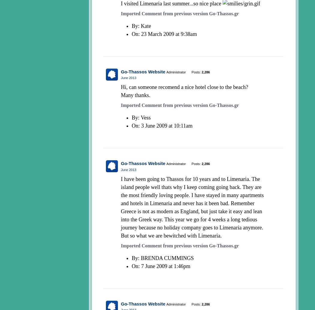 This screenshot has height=310, width=315. Describe the element at coordinates (121, 4) in the screenshot. I see `'I visited Limenaria last summer...so nice place'` at that location.